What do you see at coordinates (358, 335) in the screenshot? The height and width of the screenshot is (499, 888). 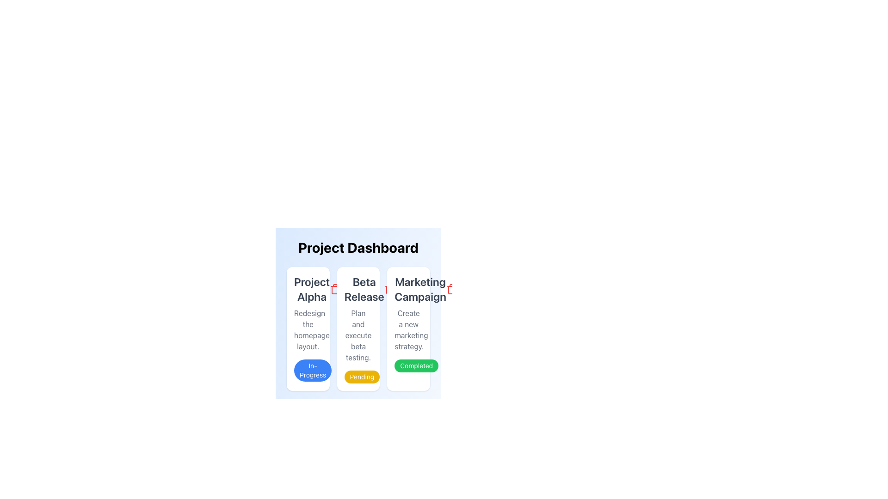 I see `the static text element displaying 'Plan and execute beta testing.' located in the second project card titled 'Beta Release', positioned above the yellow circular 'Pending' status badge` at bounding box center [358, 335].